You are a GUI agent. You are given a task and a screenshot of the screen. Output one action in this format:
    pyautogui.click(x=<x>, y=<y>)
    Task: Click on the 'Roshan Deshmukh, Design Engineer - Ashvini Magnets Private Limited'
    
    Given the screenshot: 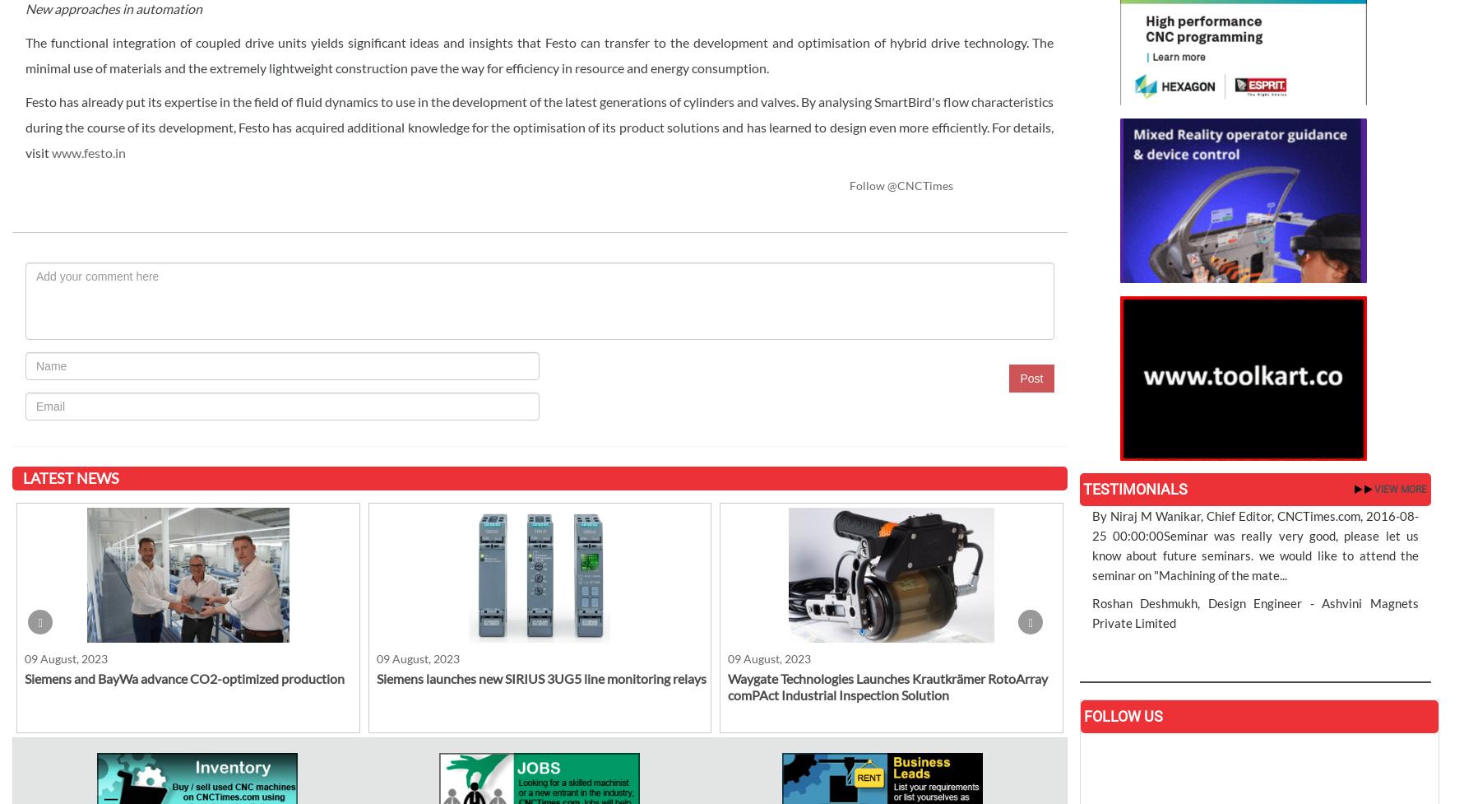 What is the action you would take?
    pyautogui.click(x=1254, y=612)
    